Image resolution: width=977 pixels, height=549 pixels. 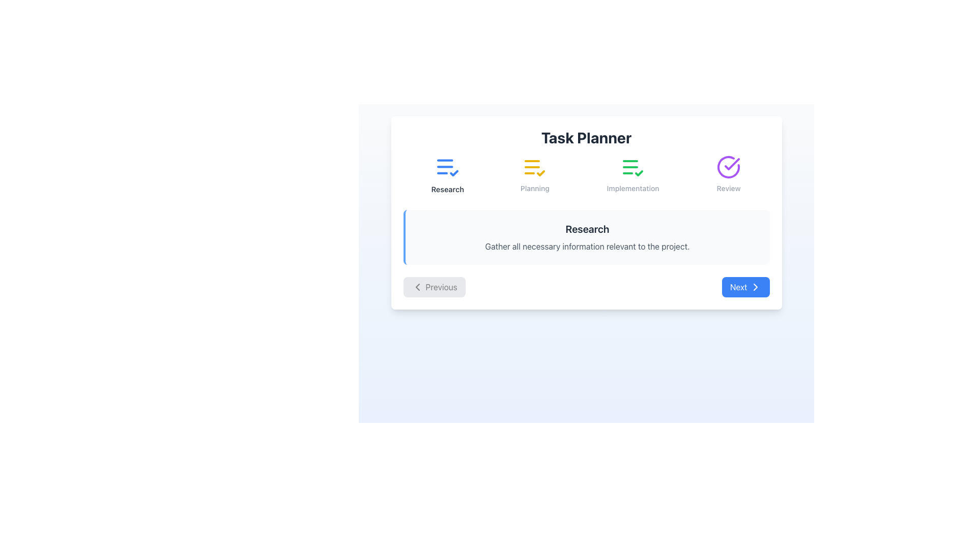 What do you see at coordinates (587, 229) in the screenshot?
I see `the 'Research' header text element, which is a bold and large text label located centrally above a descriptive paragraph within a bordered box` at bounding box center [587, 229].